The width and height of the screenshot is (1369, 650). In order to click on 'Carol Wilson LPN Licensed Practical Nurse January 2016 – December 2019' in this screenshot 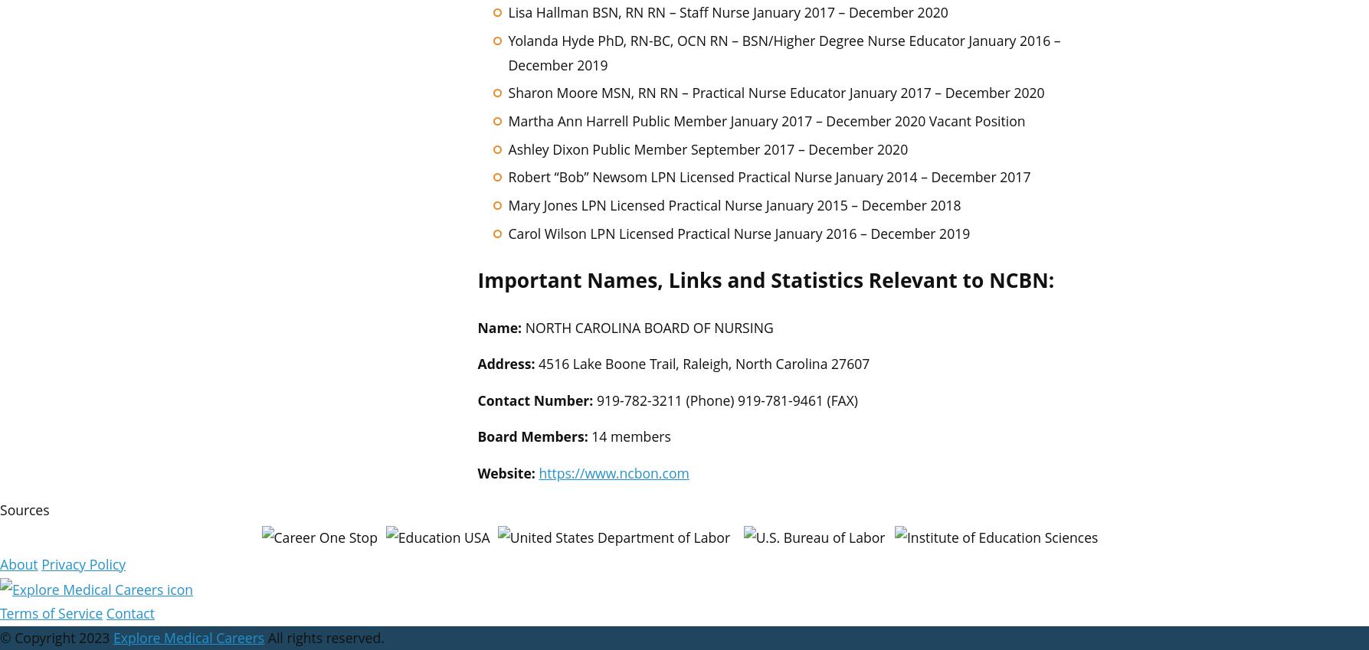, I will do `click(506, 232)`.